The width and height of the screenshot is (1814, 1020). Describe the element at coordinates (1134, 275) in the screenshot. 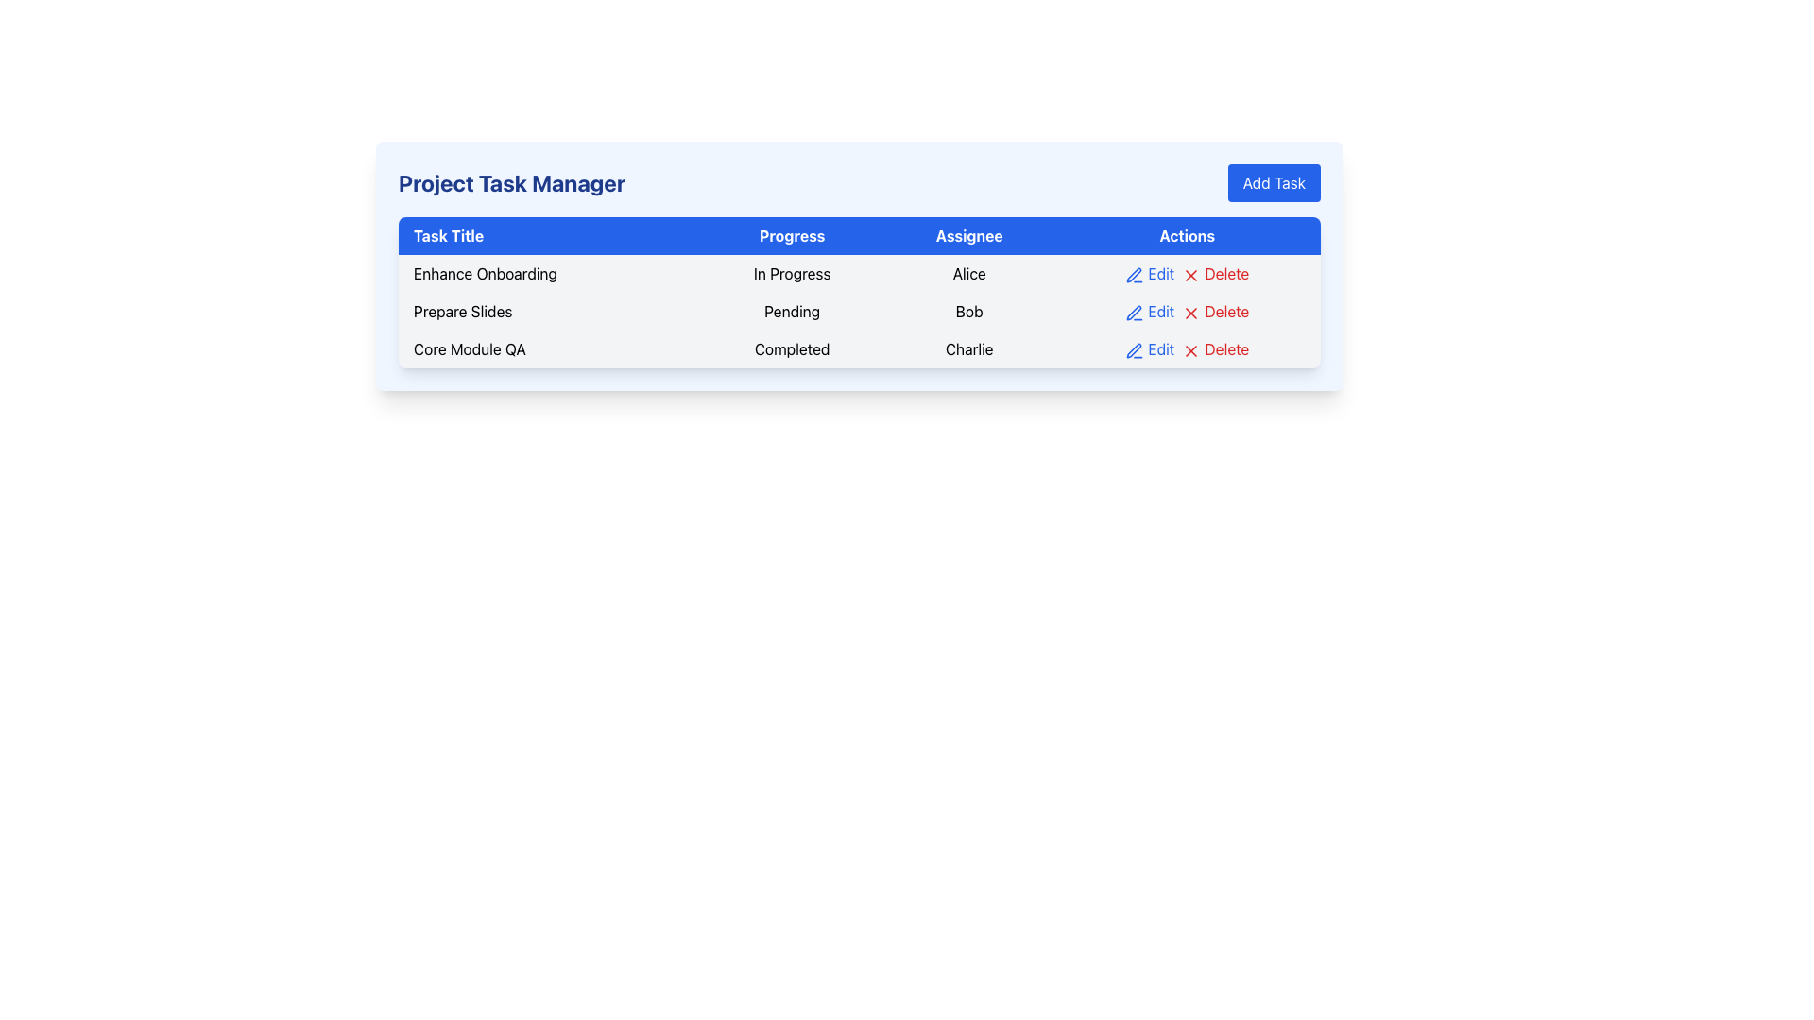

I see `the blue outline pen icon located next to the 'Edit' text in the 'Actions' column of the first row in the task table` at that location.